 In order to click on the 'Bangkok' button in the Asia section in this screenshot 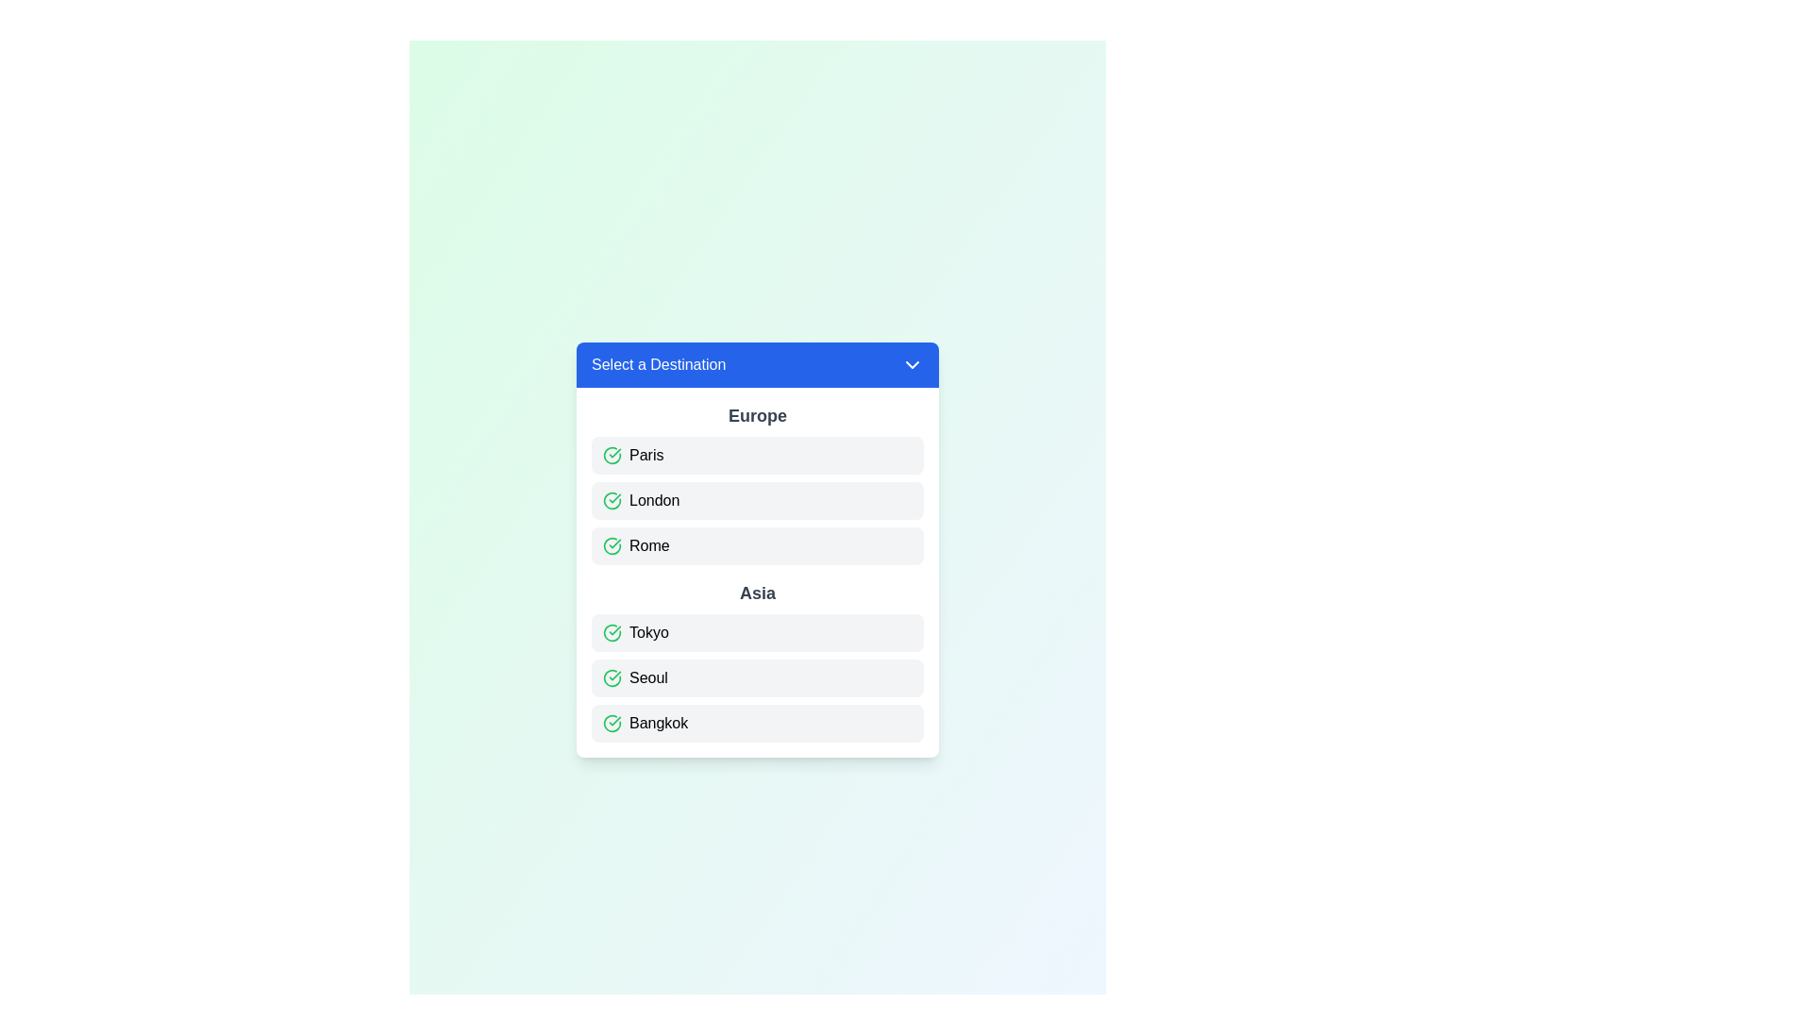, I will do `click(757, 723)`.